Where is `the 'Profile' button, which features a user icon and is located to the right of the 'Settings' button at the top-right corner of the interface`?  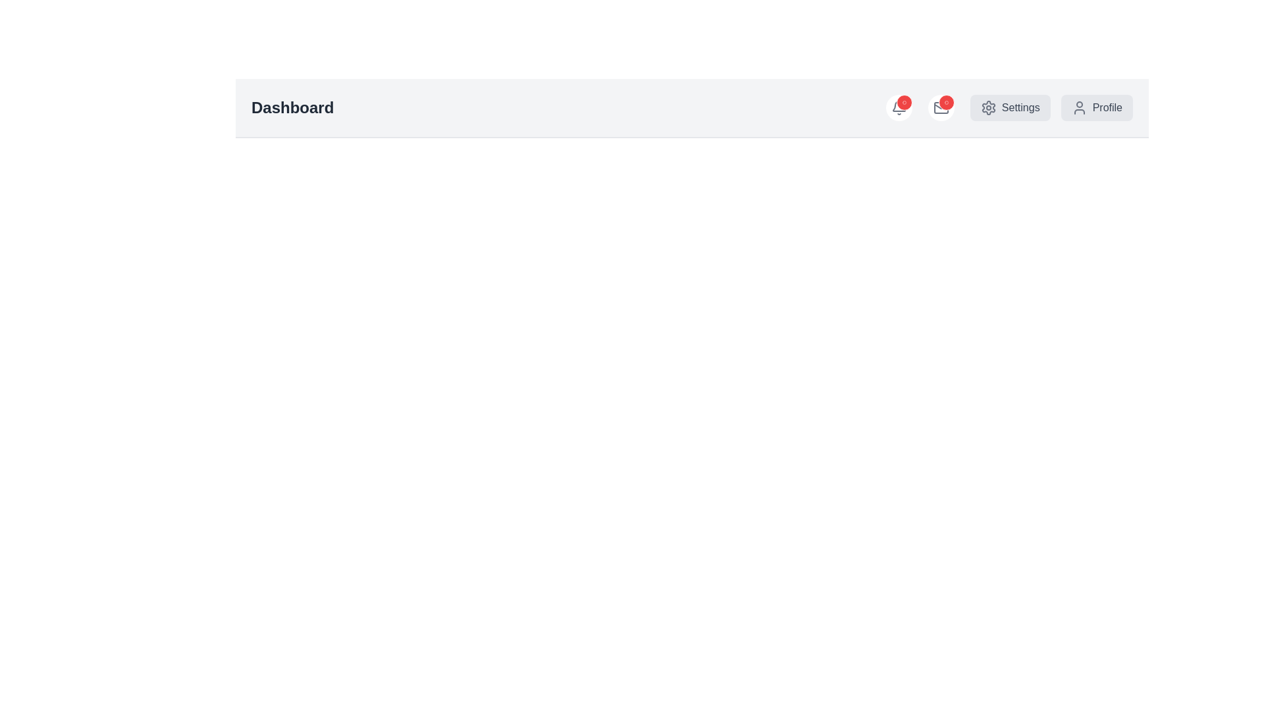 the 'Profile' button, which features a user icon and is located to the right of the 'Settings' button at the top-right corner of the interface is located at coordinates (1096, 107).